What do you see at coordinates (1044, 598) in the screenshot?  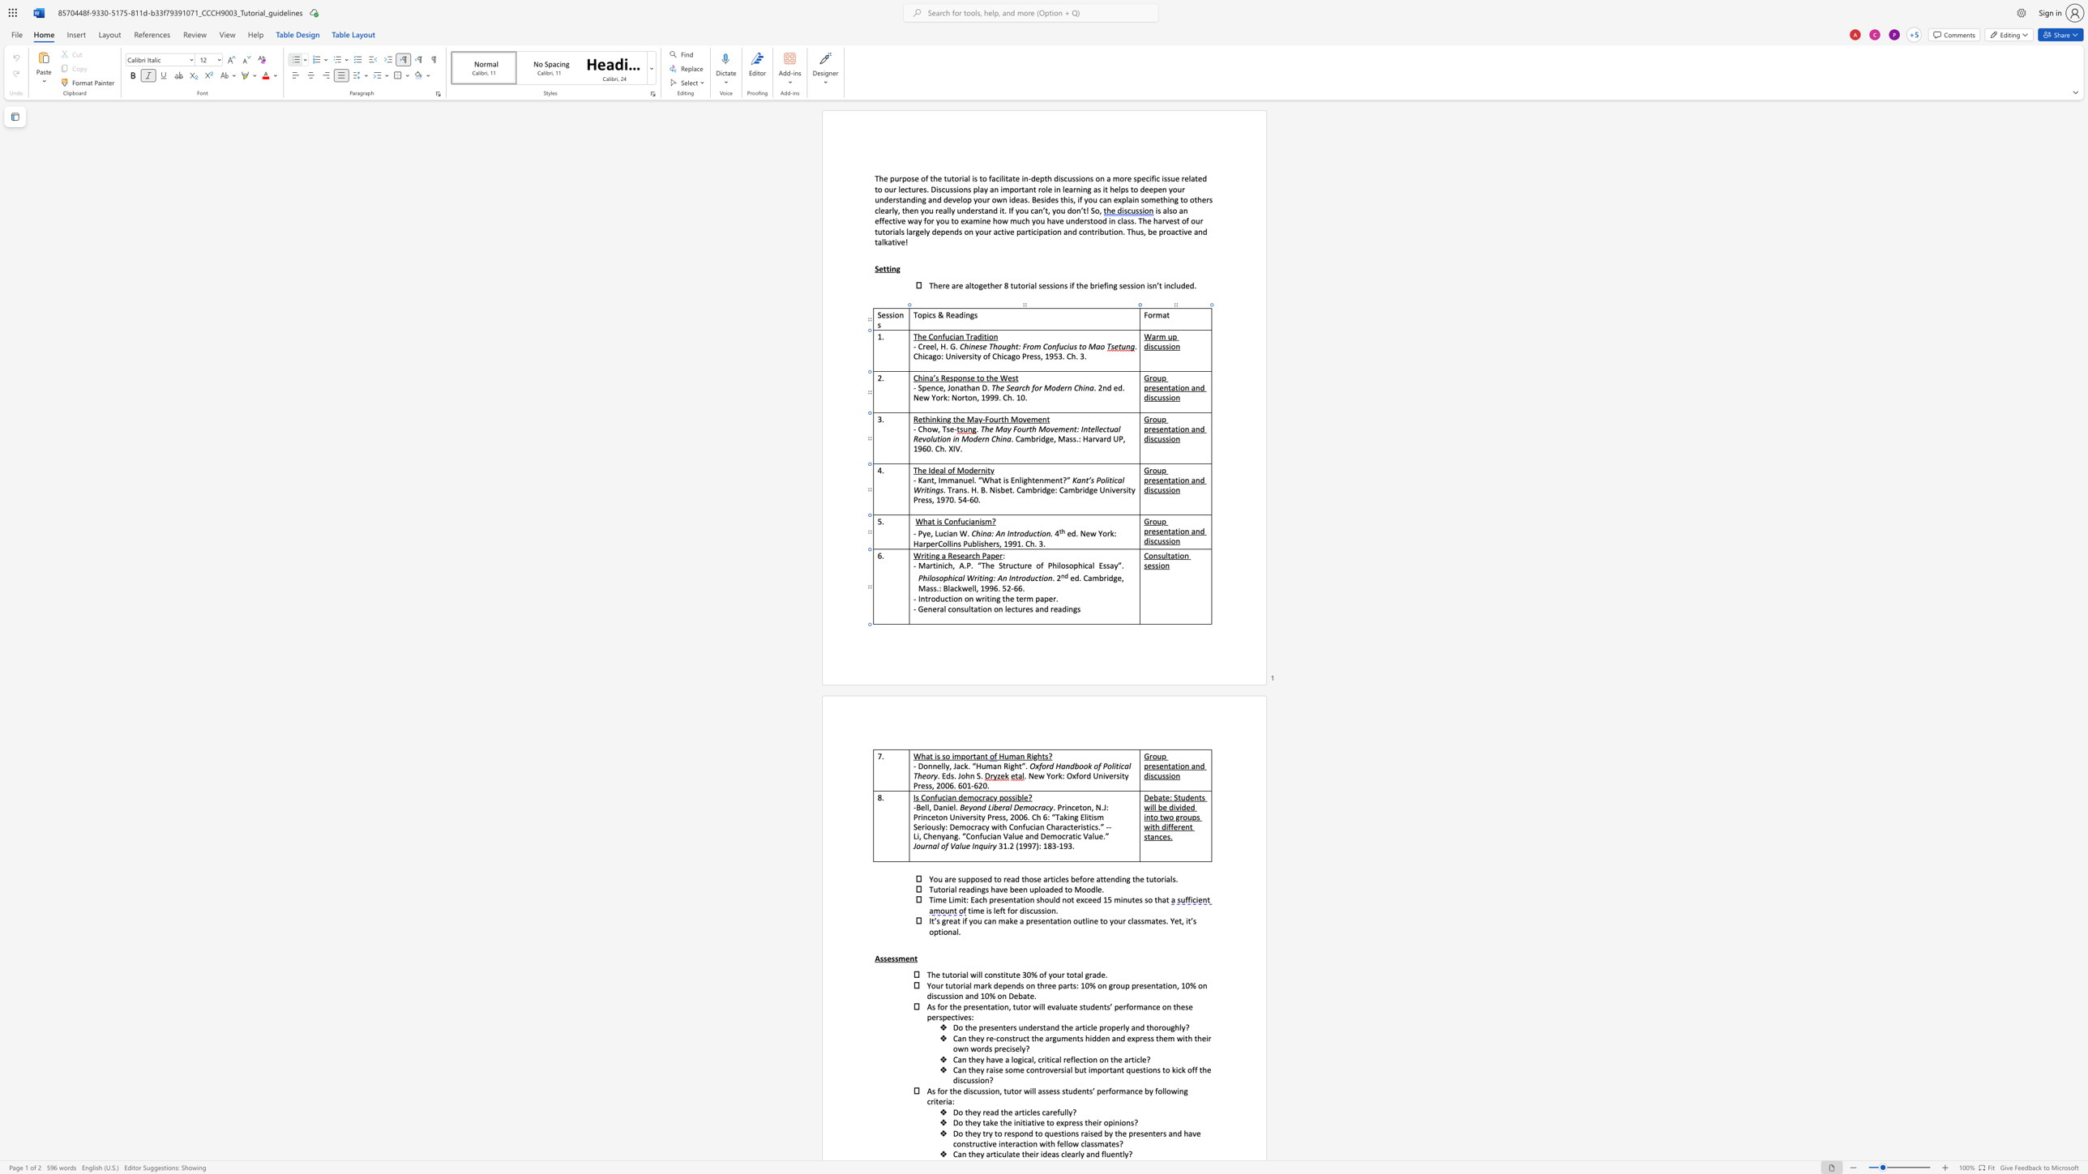 I see `the space between the continuous character "a" and "p" in the text` at bounding box center [1044, 598].